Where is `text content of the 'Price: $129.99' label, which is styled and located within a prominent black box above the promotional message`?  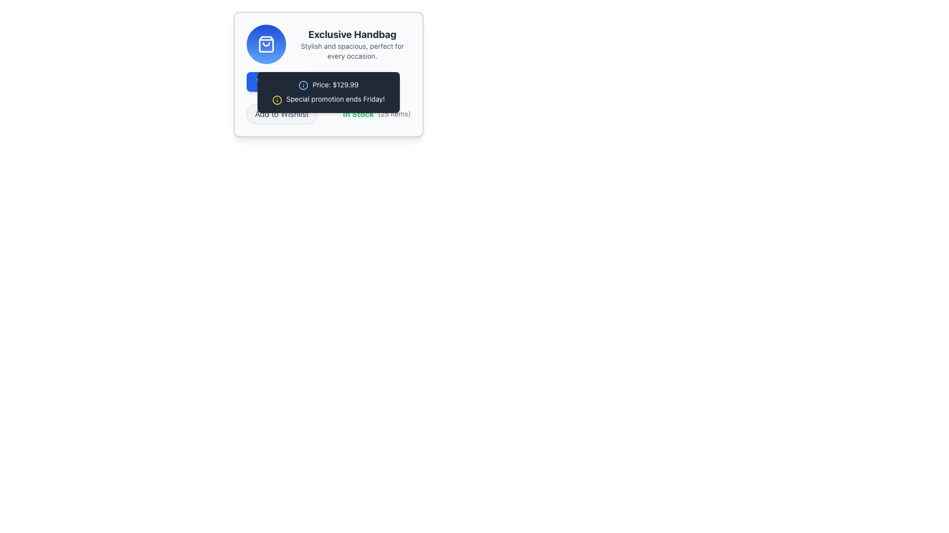
text content of the 'Price: $129.99' label, which is styled and located within a prominent black box above the promotional message is located at coordinates (329, 84).